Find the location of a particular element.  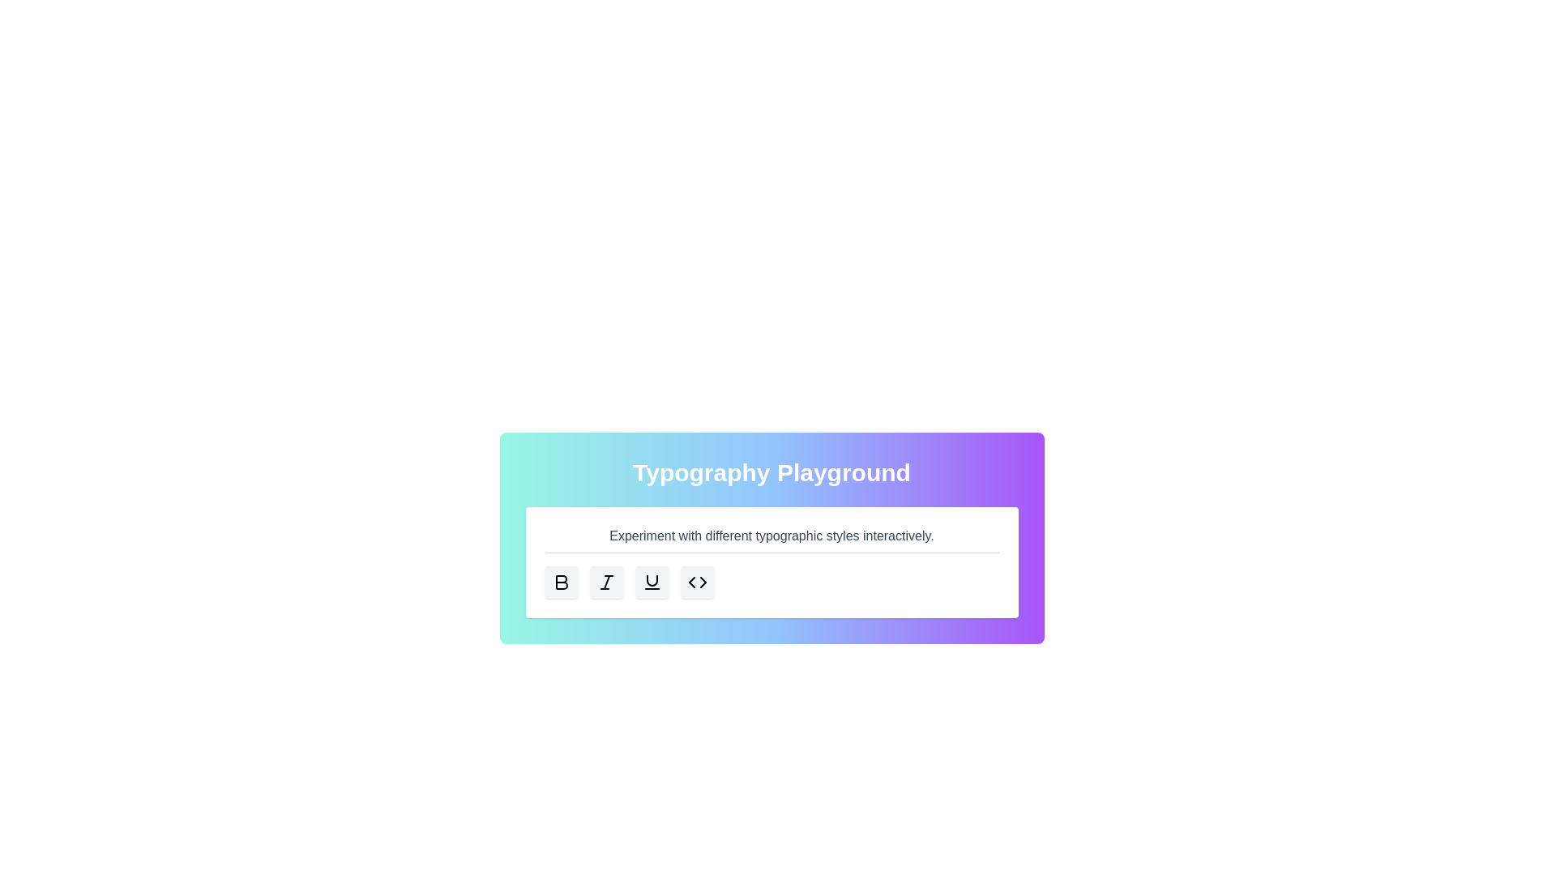

the button icon representing code or syntax, located as the fourth button in a row of icons beneath the 'Experiment with different typographic styles interactively' text is located at coordinates (697, 581).